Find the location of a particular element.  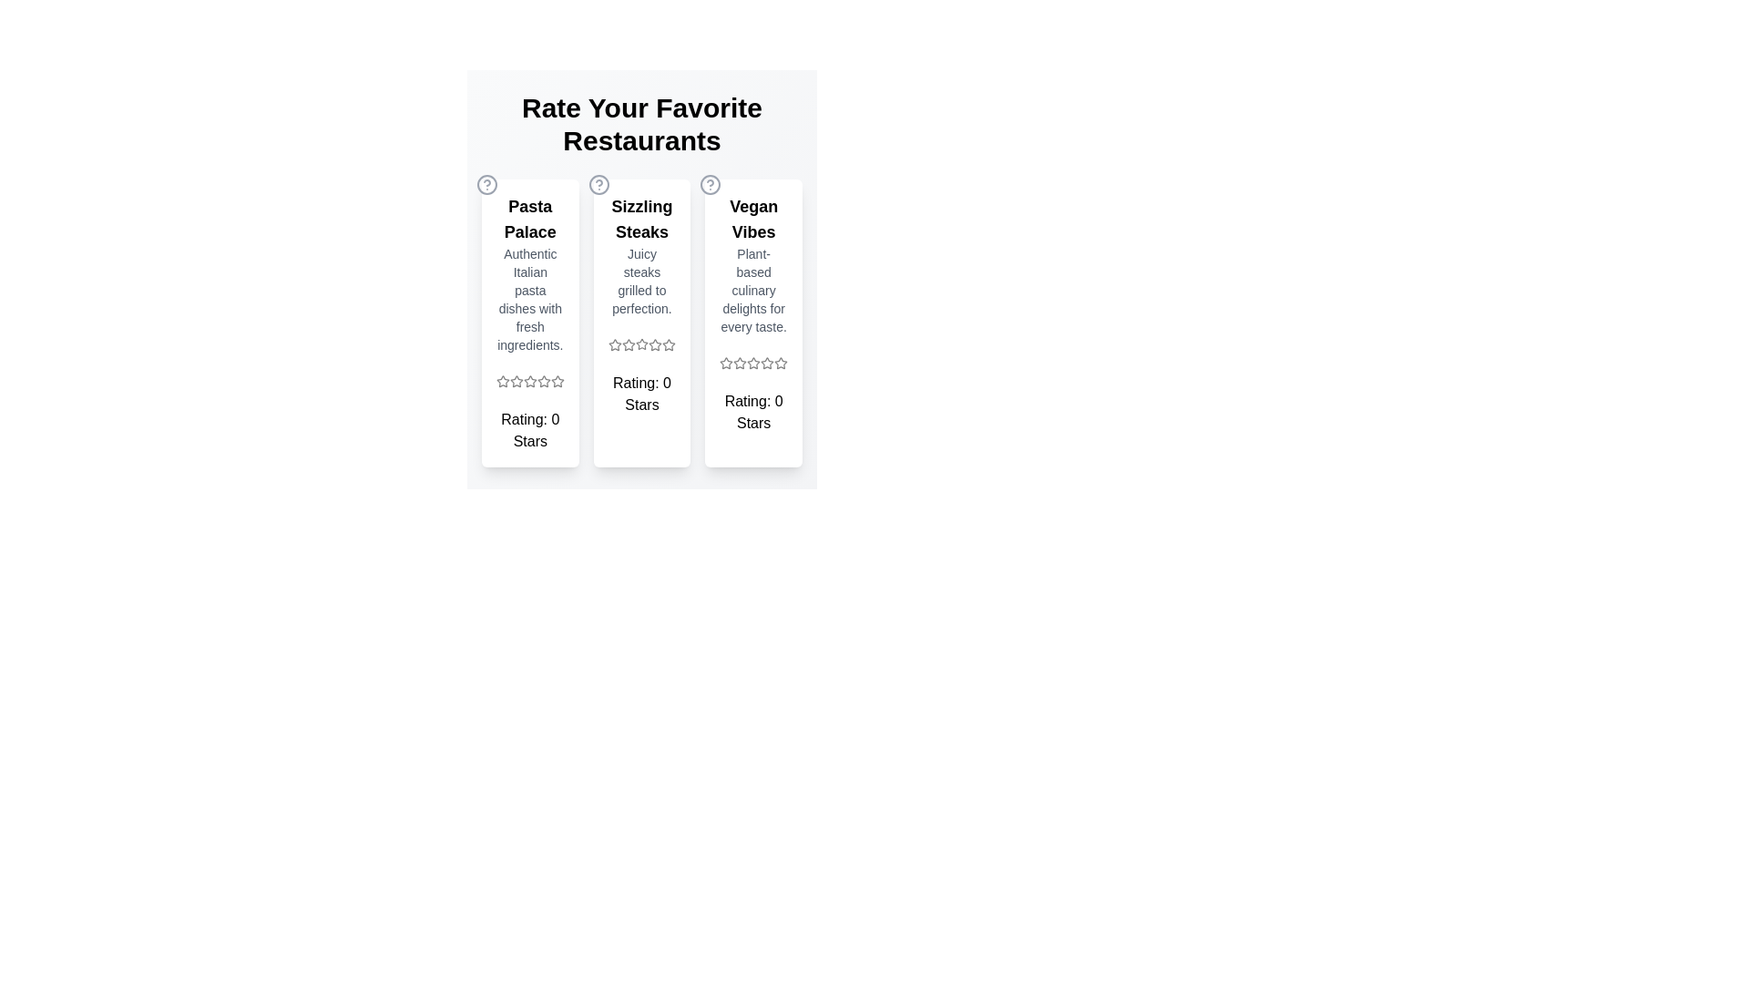

the star icon for 4 stars in the Vegan Vibes section is located at coordinates (768, 363).